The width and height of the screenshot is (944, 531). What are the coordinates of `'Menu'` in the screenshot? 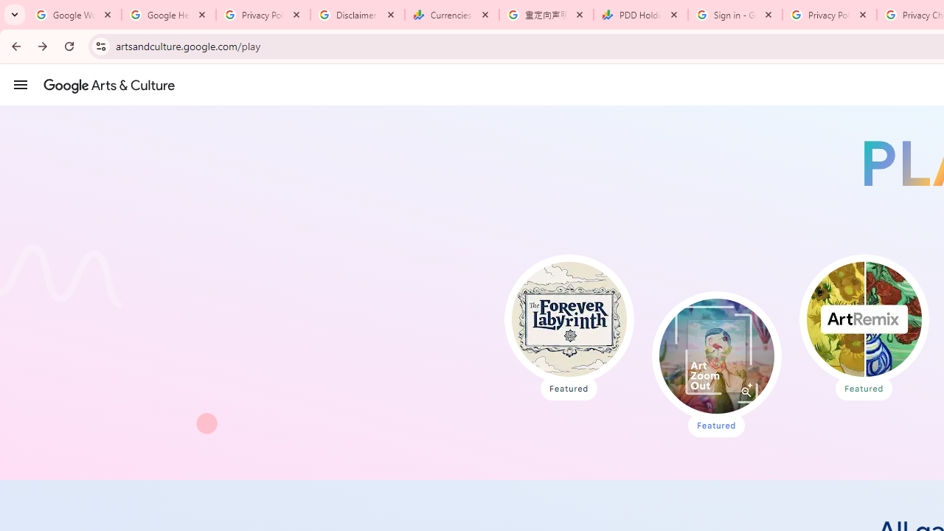 It's located at (21, 84).